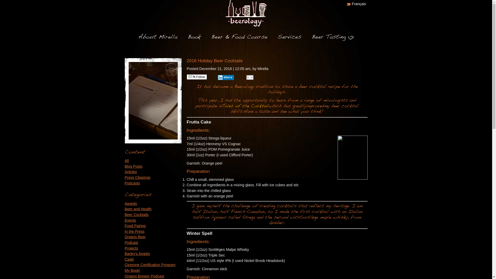 Image resolution: width=496 pixels, height=279 pixels. What do you see at coordinates (239, 37) in the screenshot?
I see `'Beer & Food Course'` at bounding box center [239, 37].